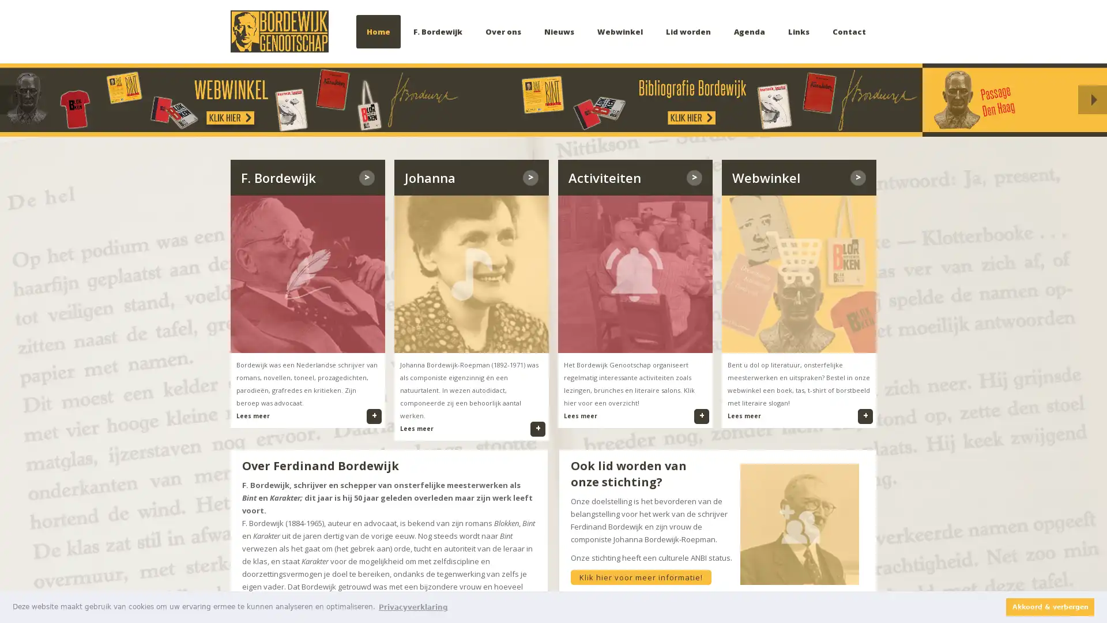  What do you see at coordinates (413, 606) in the screenshot?
I see `learn more about cookies` at bounding box center [413, 606].